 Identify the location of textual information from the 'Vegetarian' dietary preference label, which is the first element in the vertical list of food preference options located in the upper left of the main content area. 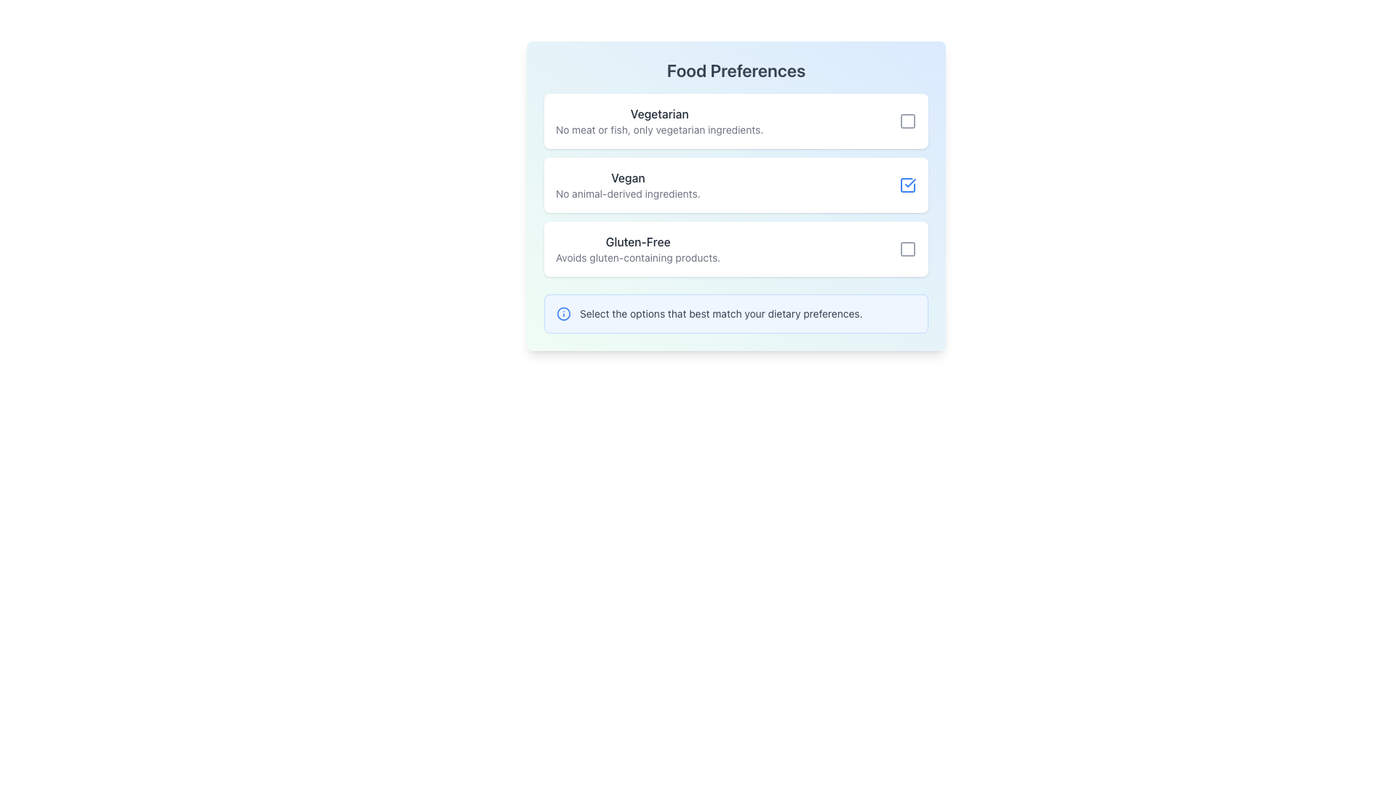
(658, 120).